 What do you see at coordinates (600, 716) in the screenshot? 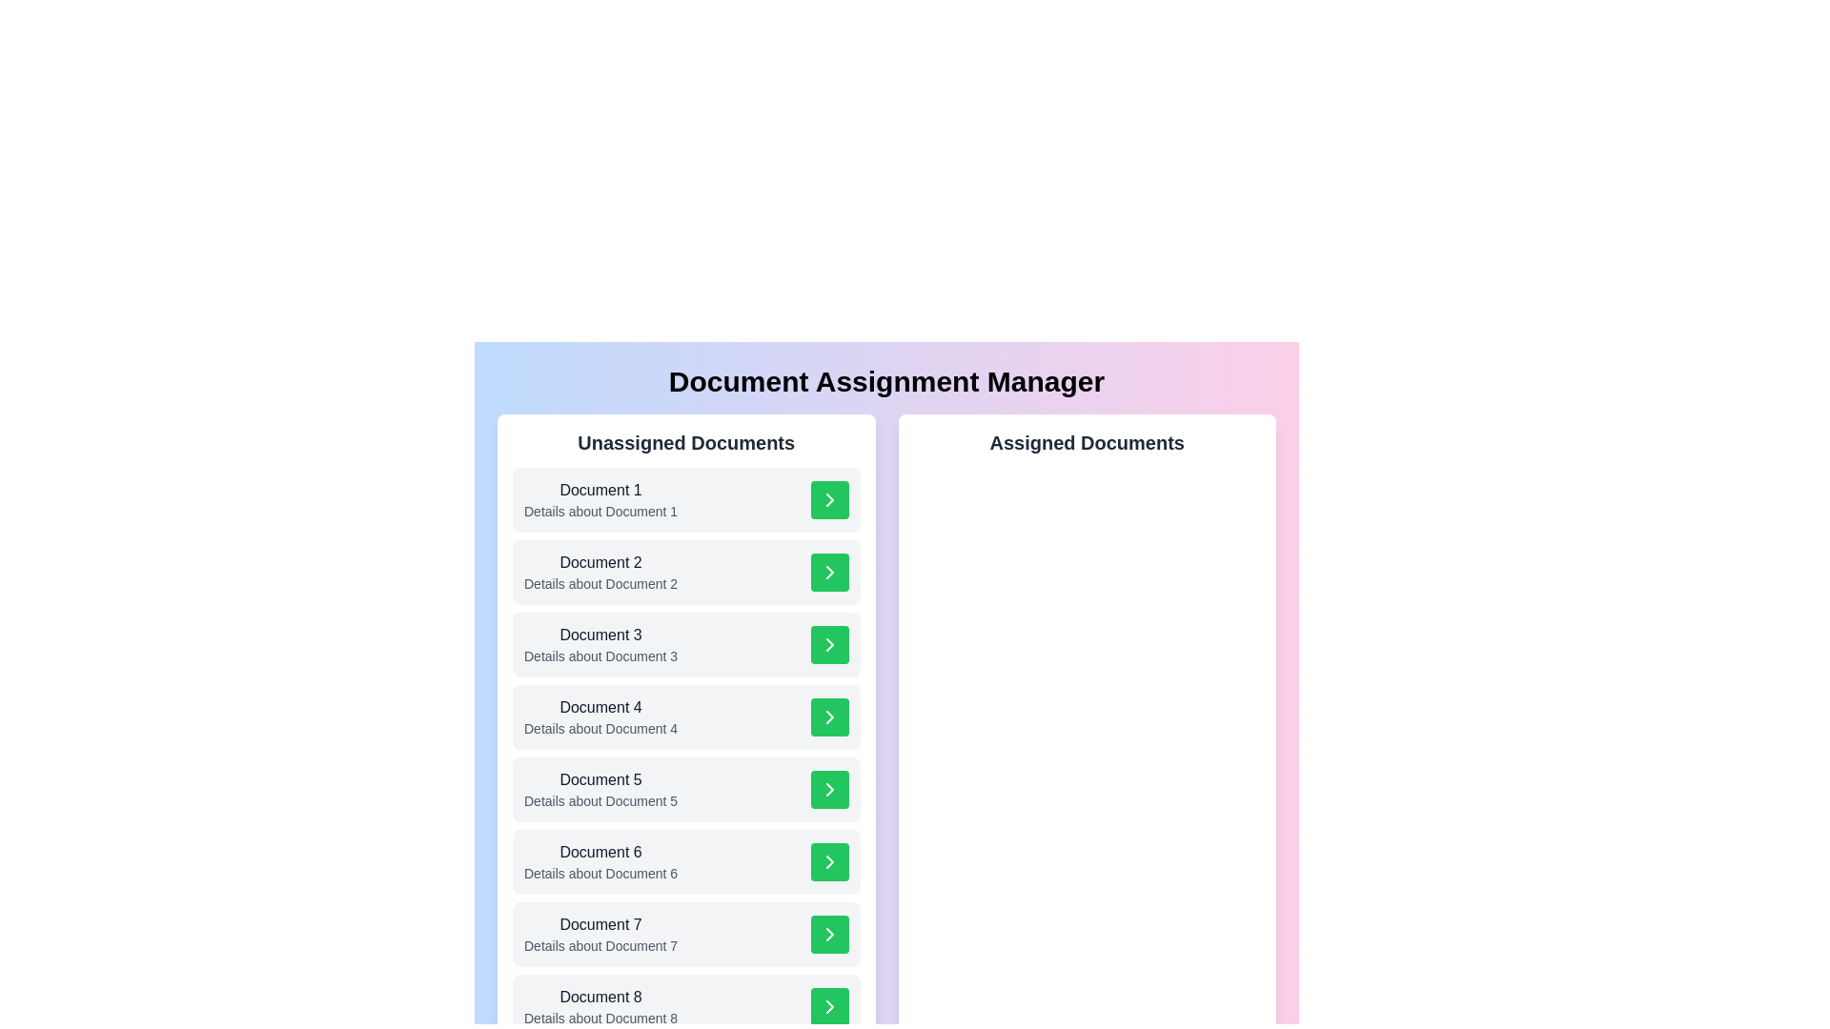
I see `the informational label providing details about 'Document 4', located in the vertical list under 'Unassigned Documents'` at bounding box center [600, 716].